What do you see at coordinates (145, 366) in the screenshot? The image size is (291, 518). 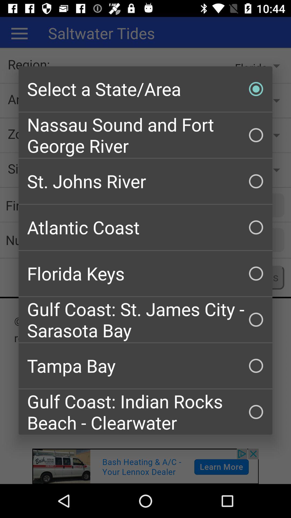 I see `tampa bay icon` at bounding box center [145, 366].